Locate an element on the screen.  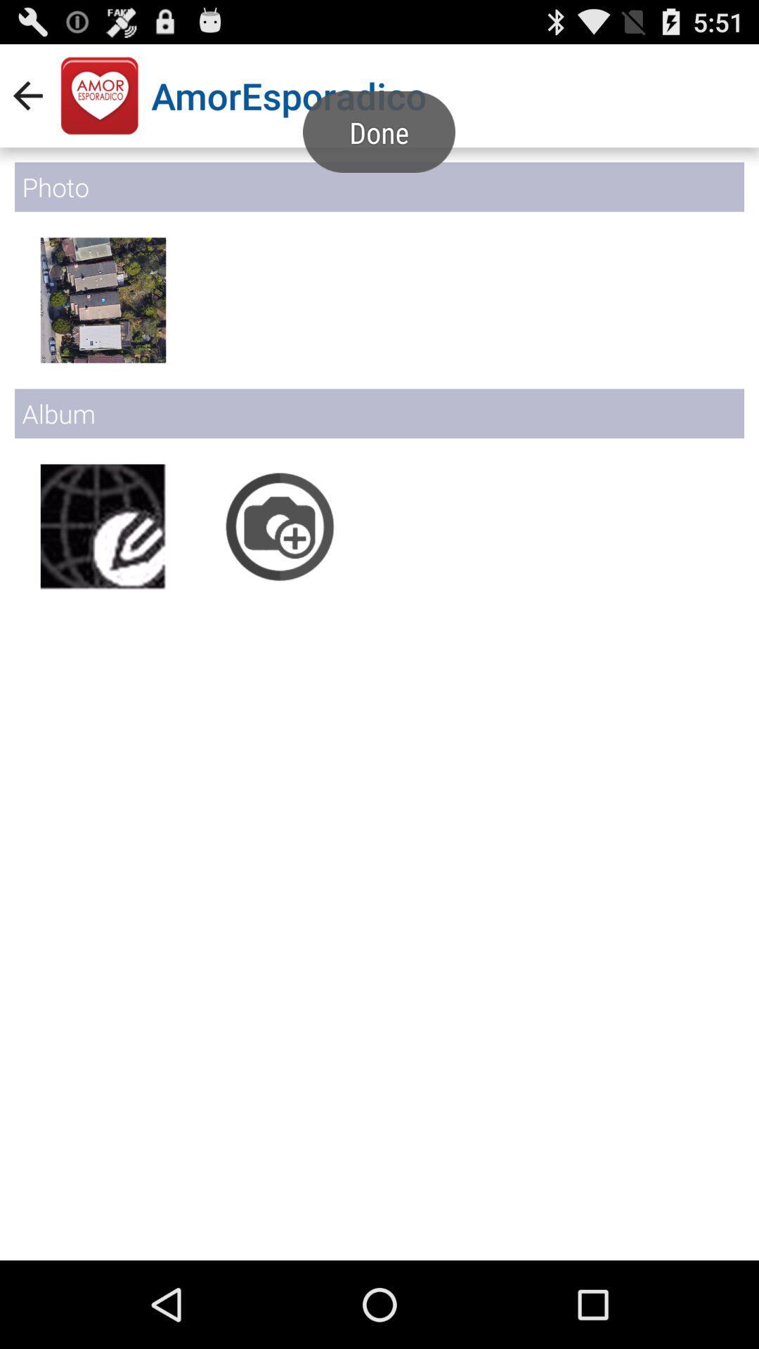
the photo icon is located at coordinates (280, 563).